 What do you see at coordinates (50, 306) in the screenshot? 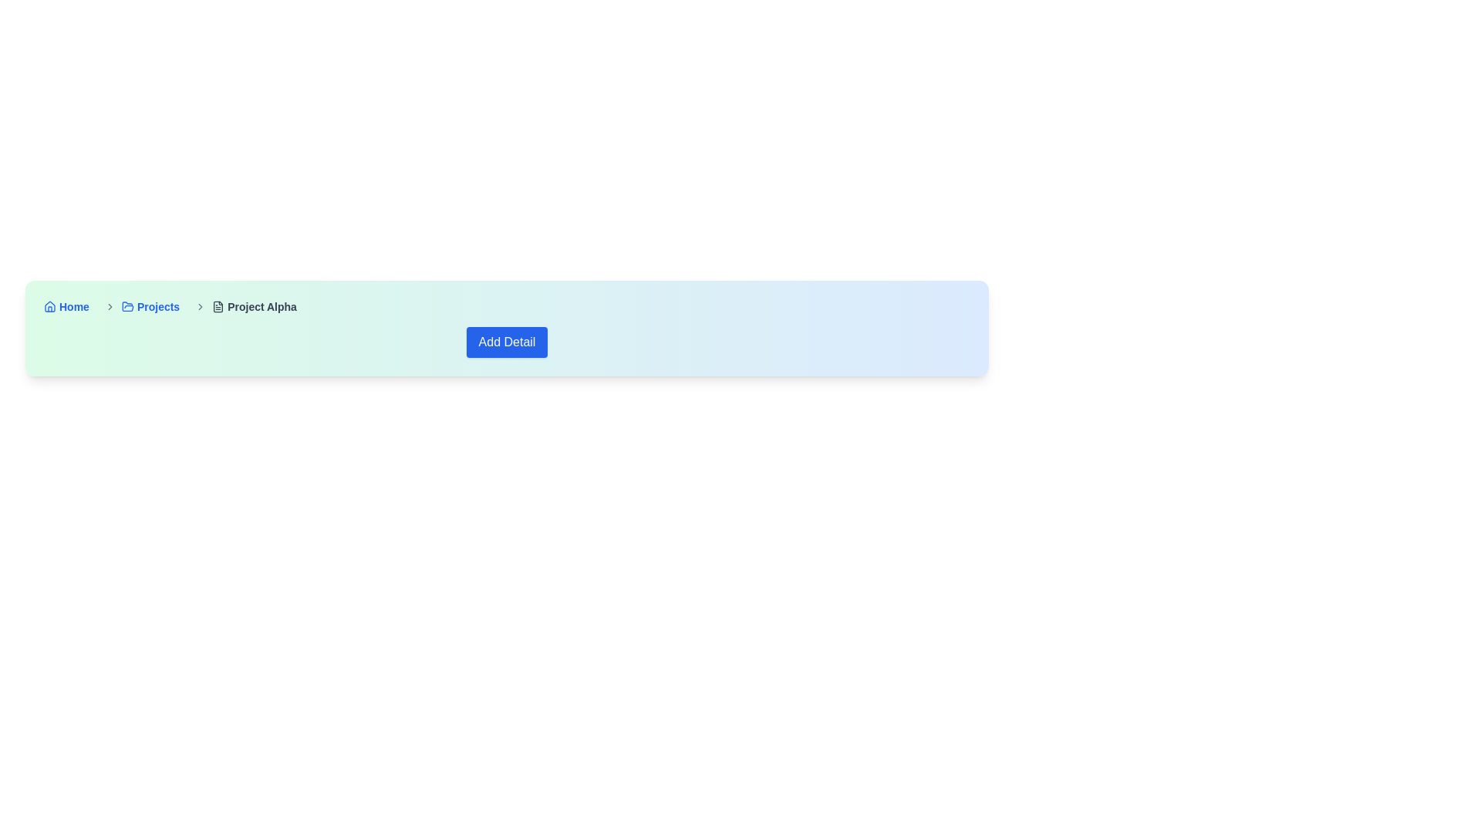
I see `the small house icon with a blue outline located in the breadcrumb navigation bar, directly to the left of the text 'Home'` at bounding box center [50, 306].